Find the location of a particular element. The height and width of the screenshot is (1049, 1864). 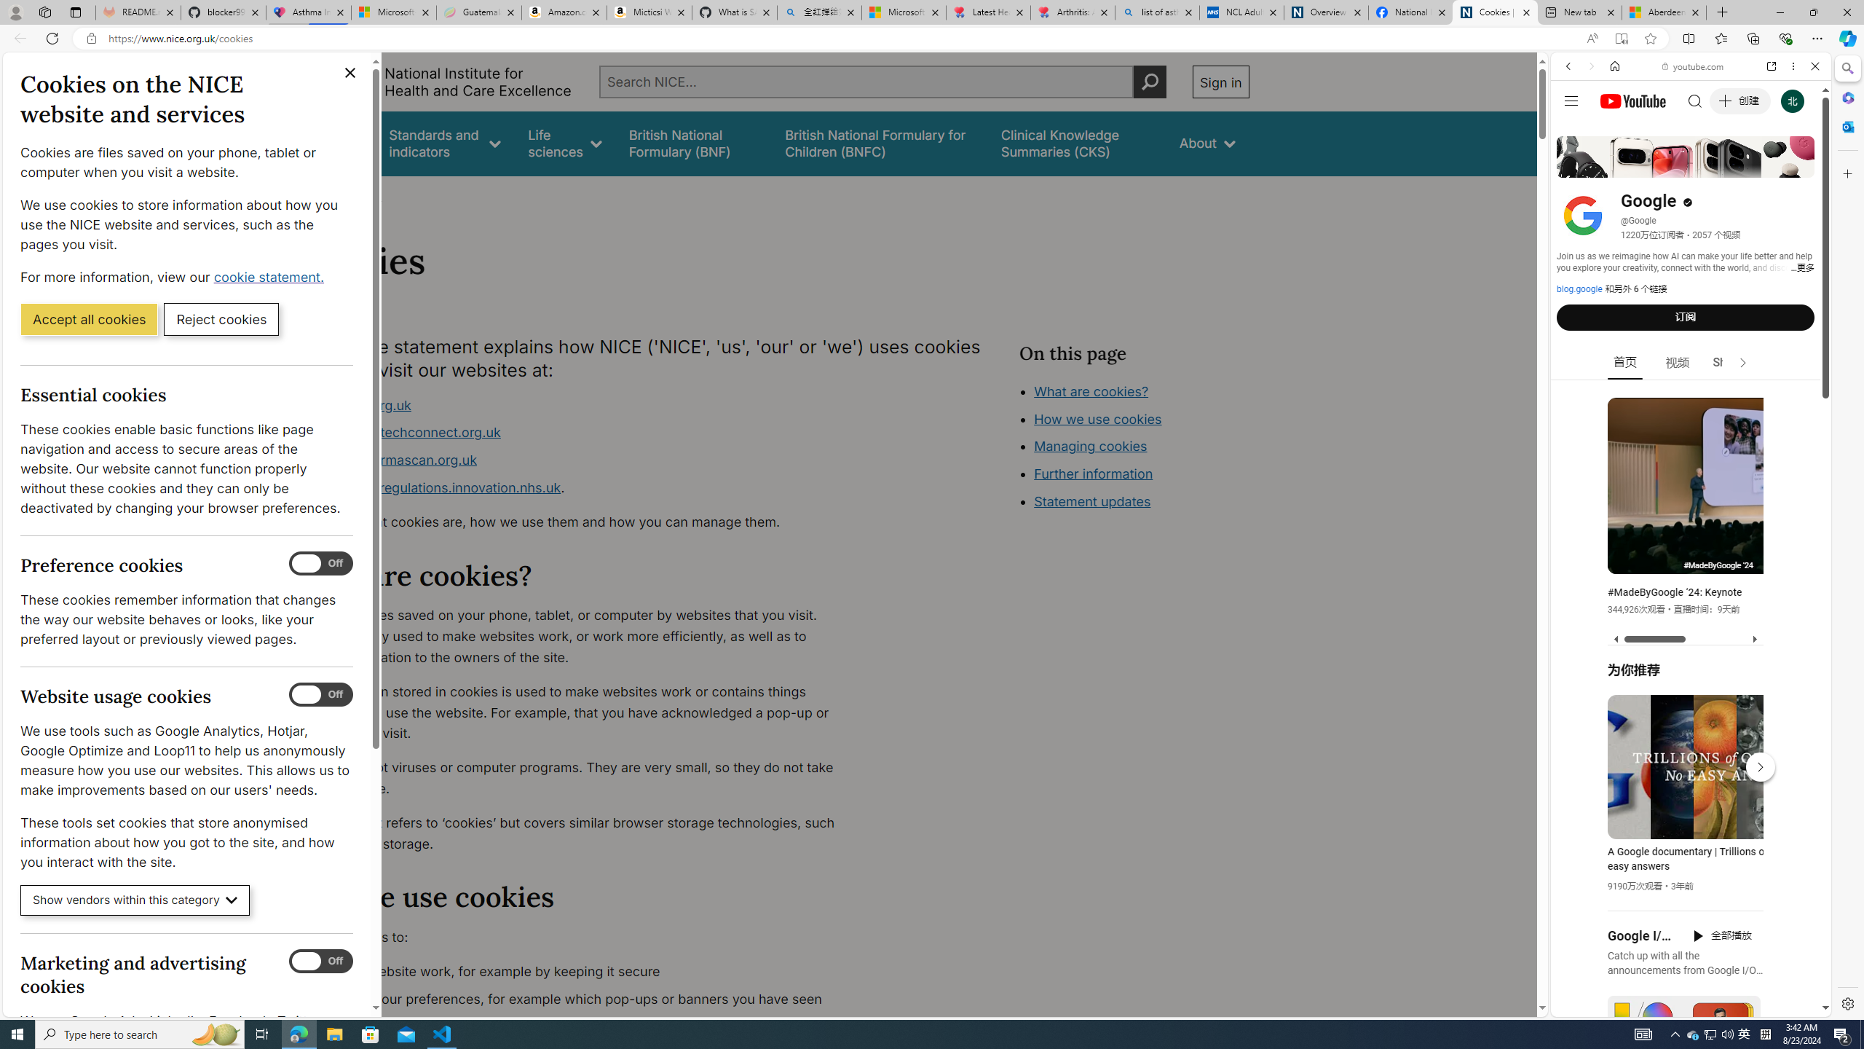

'Search Filter, VIDEOS' is located at coordinates (1664, 165).